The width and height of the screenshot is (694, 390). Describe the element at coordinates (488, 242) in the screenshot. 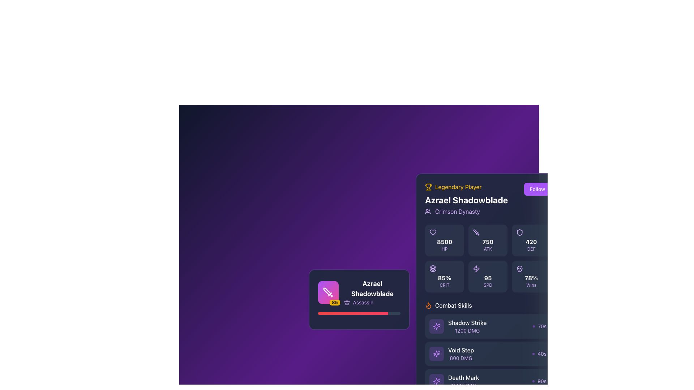

I see `numeric text value '750' displayed in bold white font, located centrally within the dark rectangular tile in the player statistics panel` at that location.